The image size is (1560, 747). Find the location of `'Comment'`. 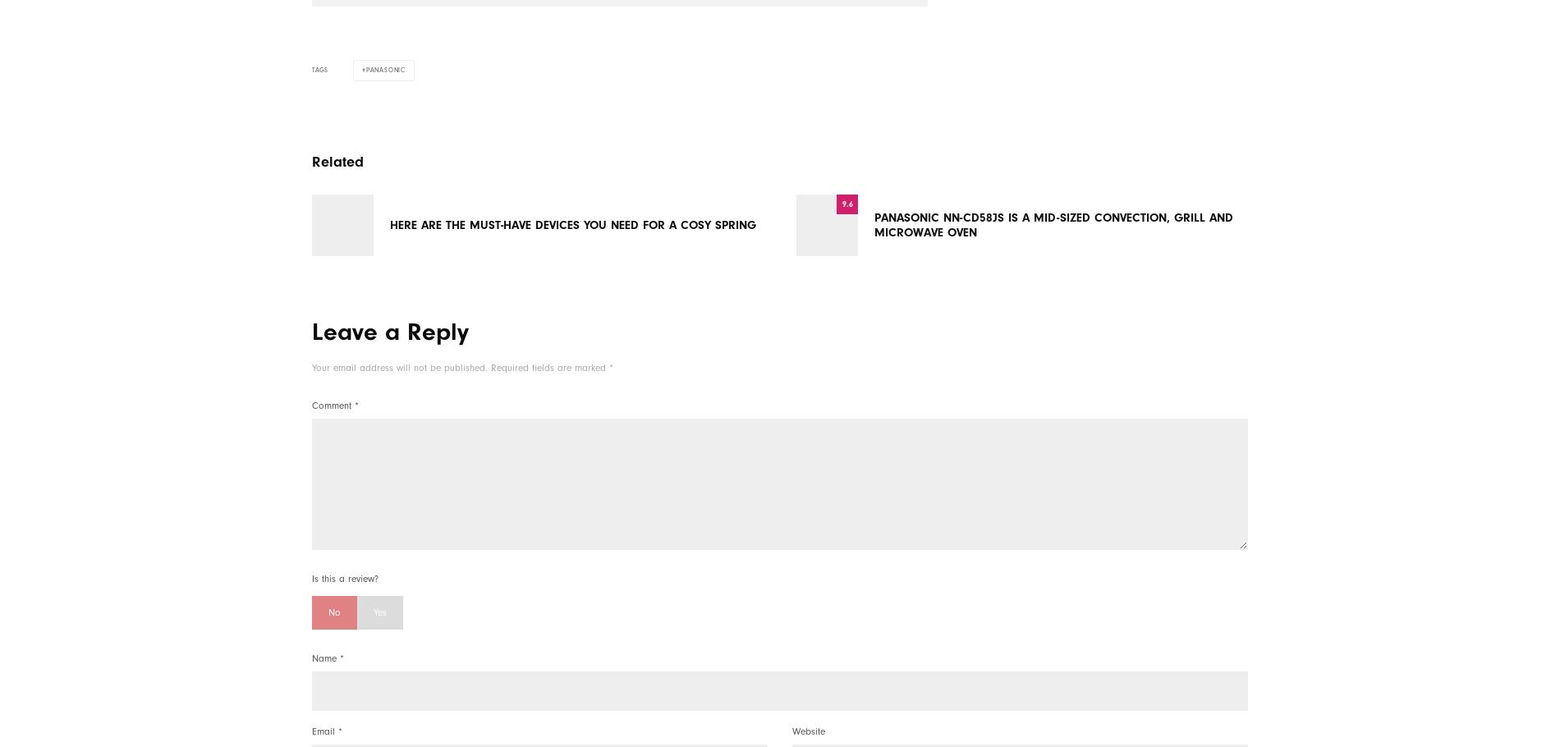

'Comment' is located at coordinates (333, 406).